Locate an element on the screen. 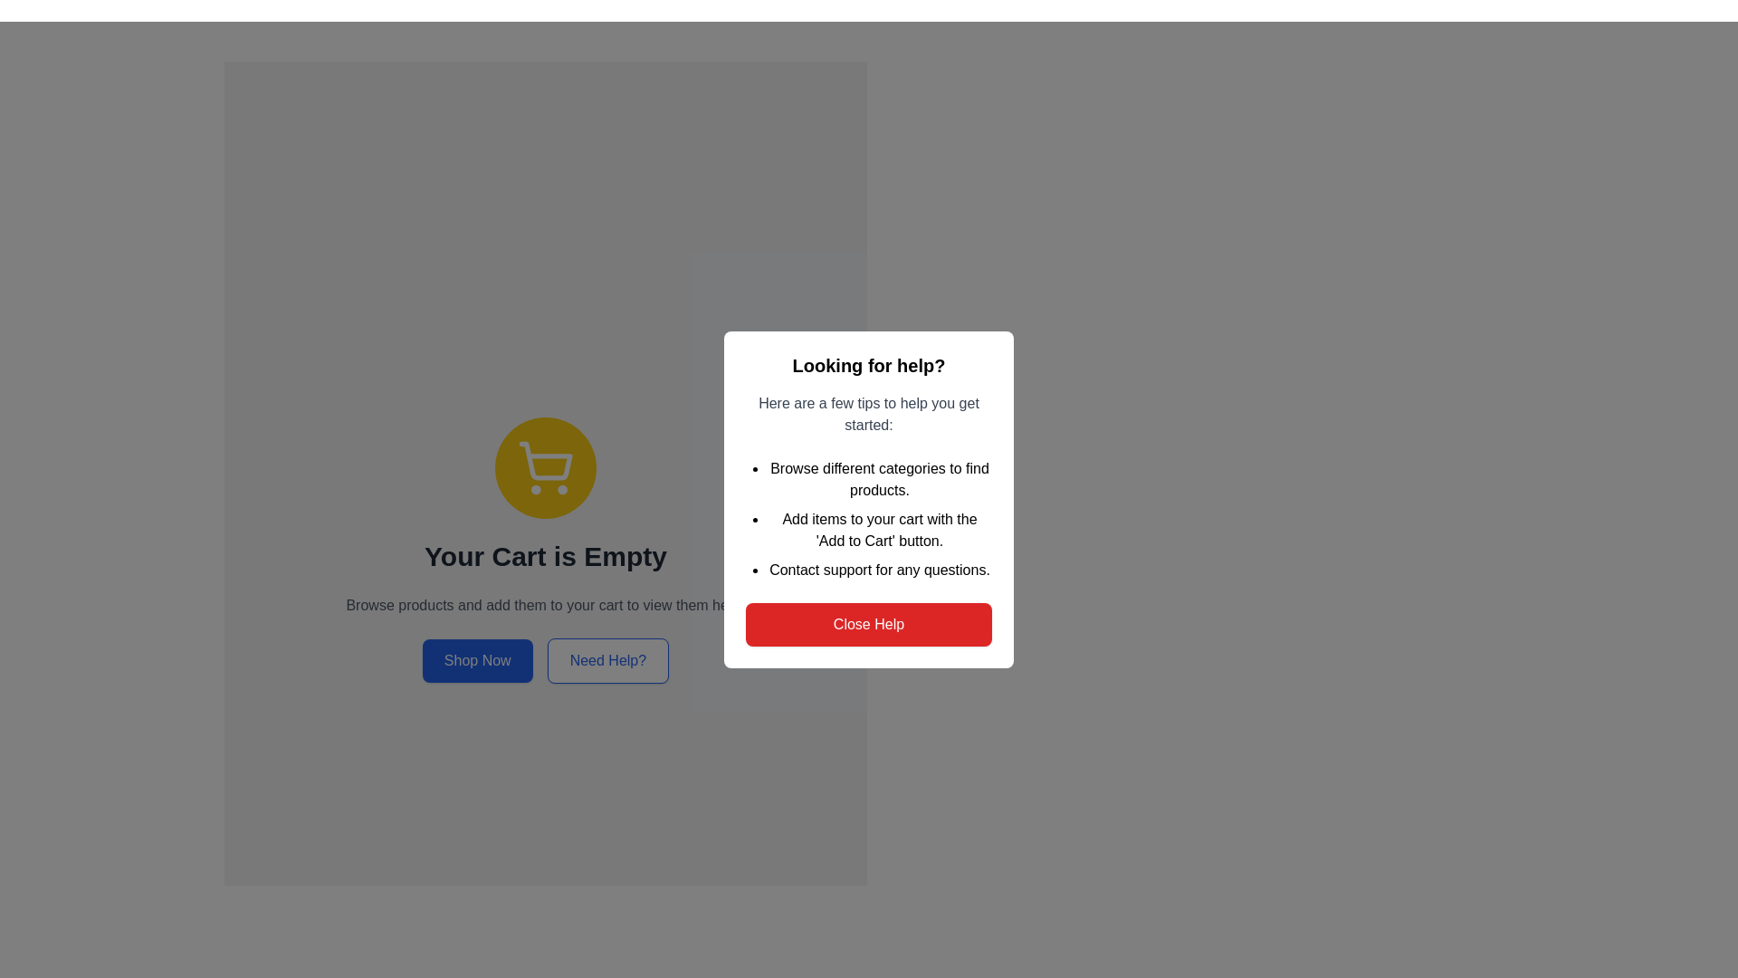 The height and width of the screenshot is (978, 1738). the text label displaying the message 'Browse products and add them to your cart is located at coordinates (545, 605).